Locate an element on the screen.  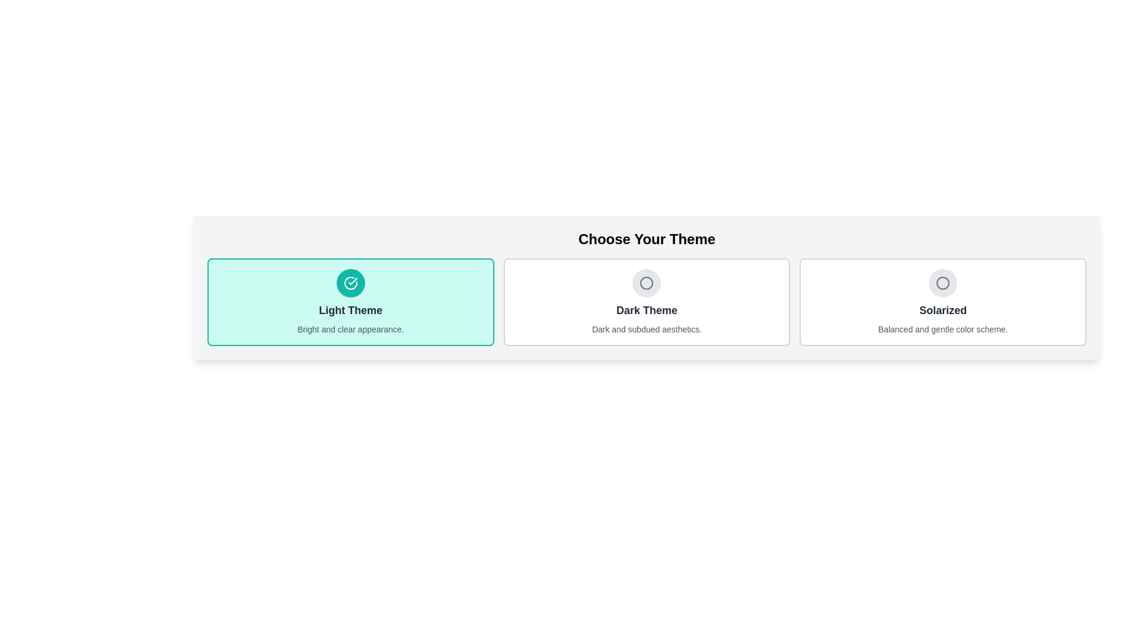
the circular icon representing the 'Dark Theme' option, located above the label 'Dark Theme' in the theme selection group is located at coordinates (646, 283).